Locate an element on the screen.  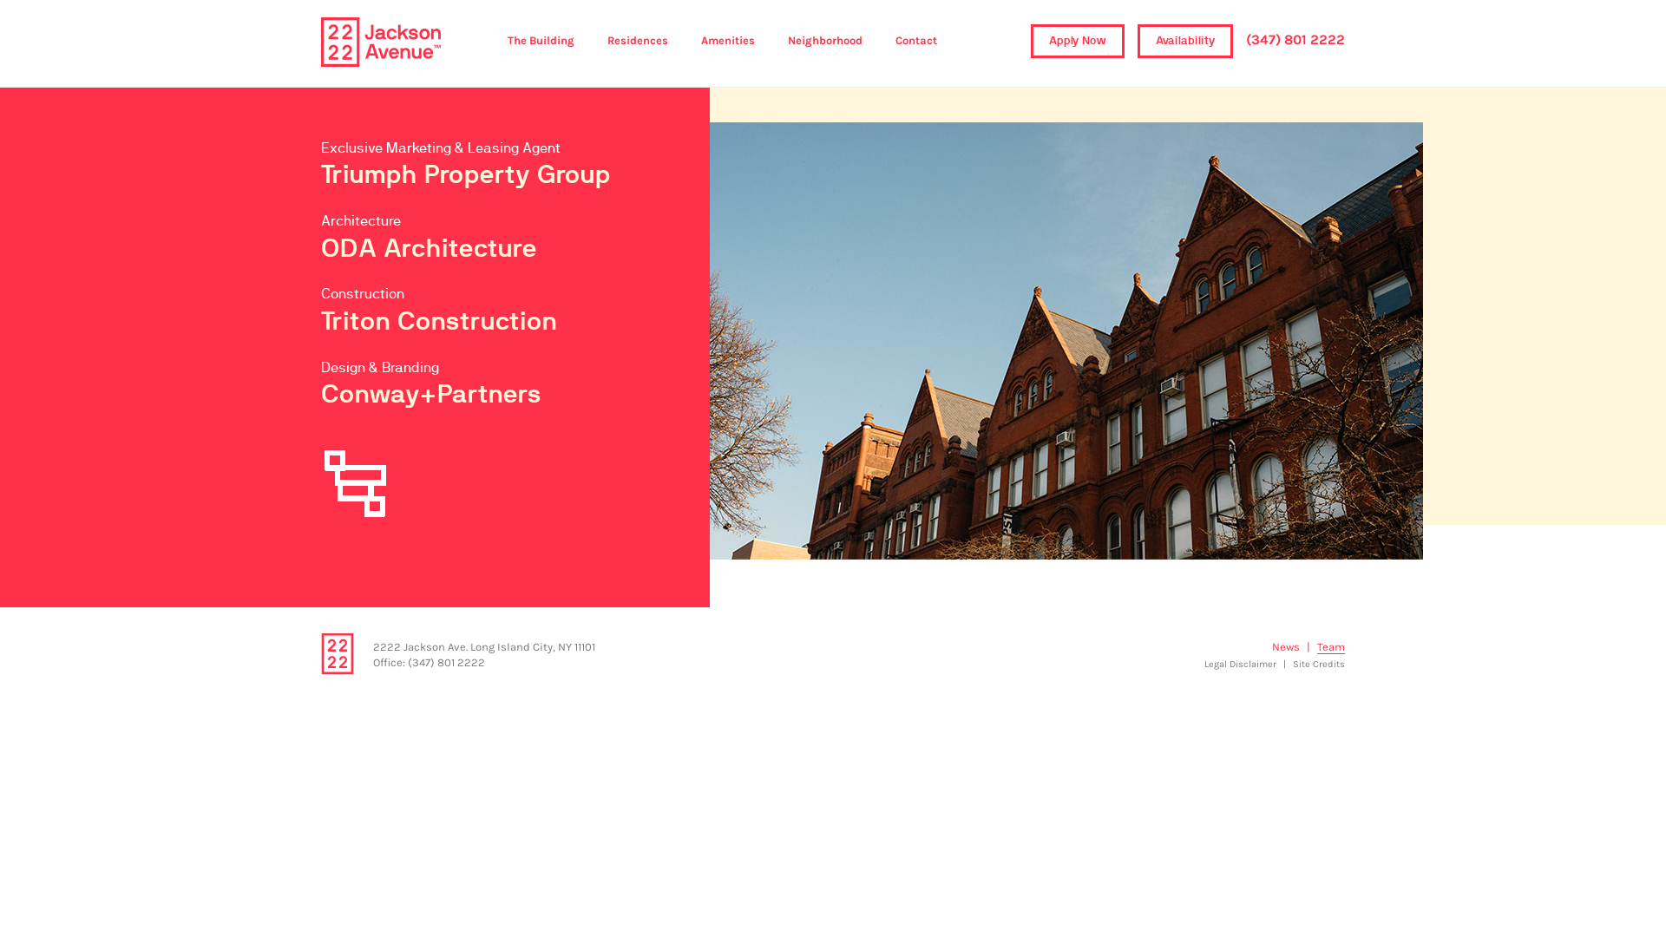
'Conway+Partners' is located at coordinates (431, 395).